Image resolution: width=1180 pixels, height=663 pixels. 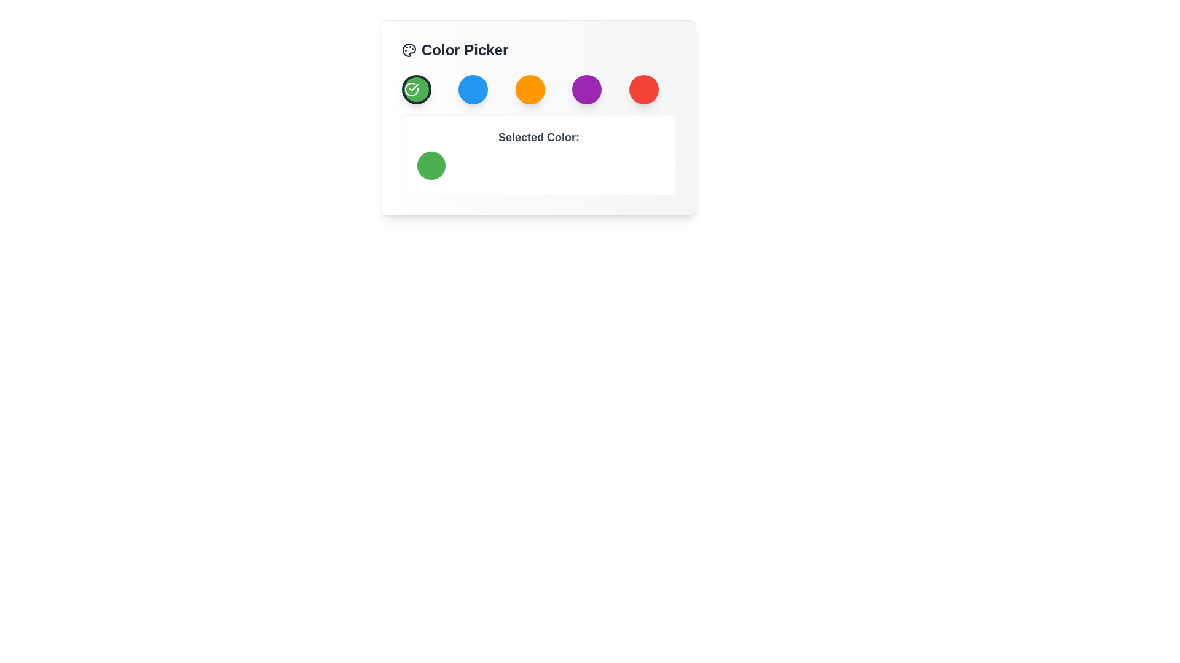 I want to click on the circular purple button in the Color Picker modal to trigger the hover effect, so click(x=586, y=89).